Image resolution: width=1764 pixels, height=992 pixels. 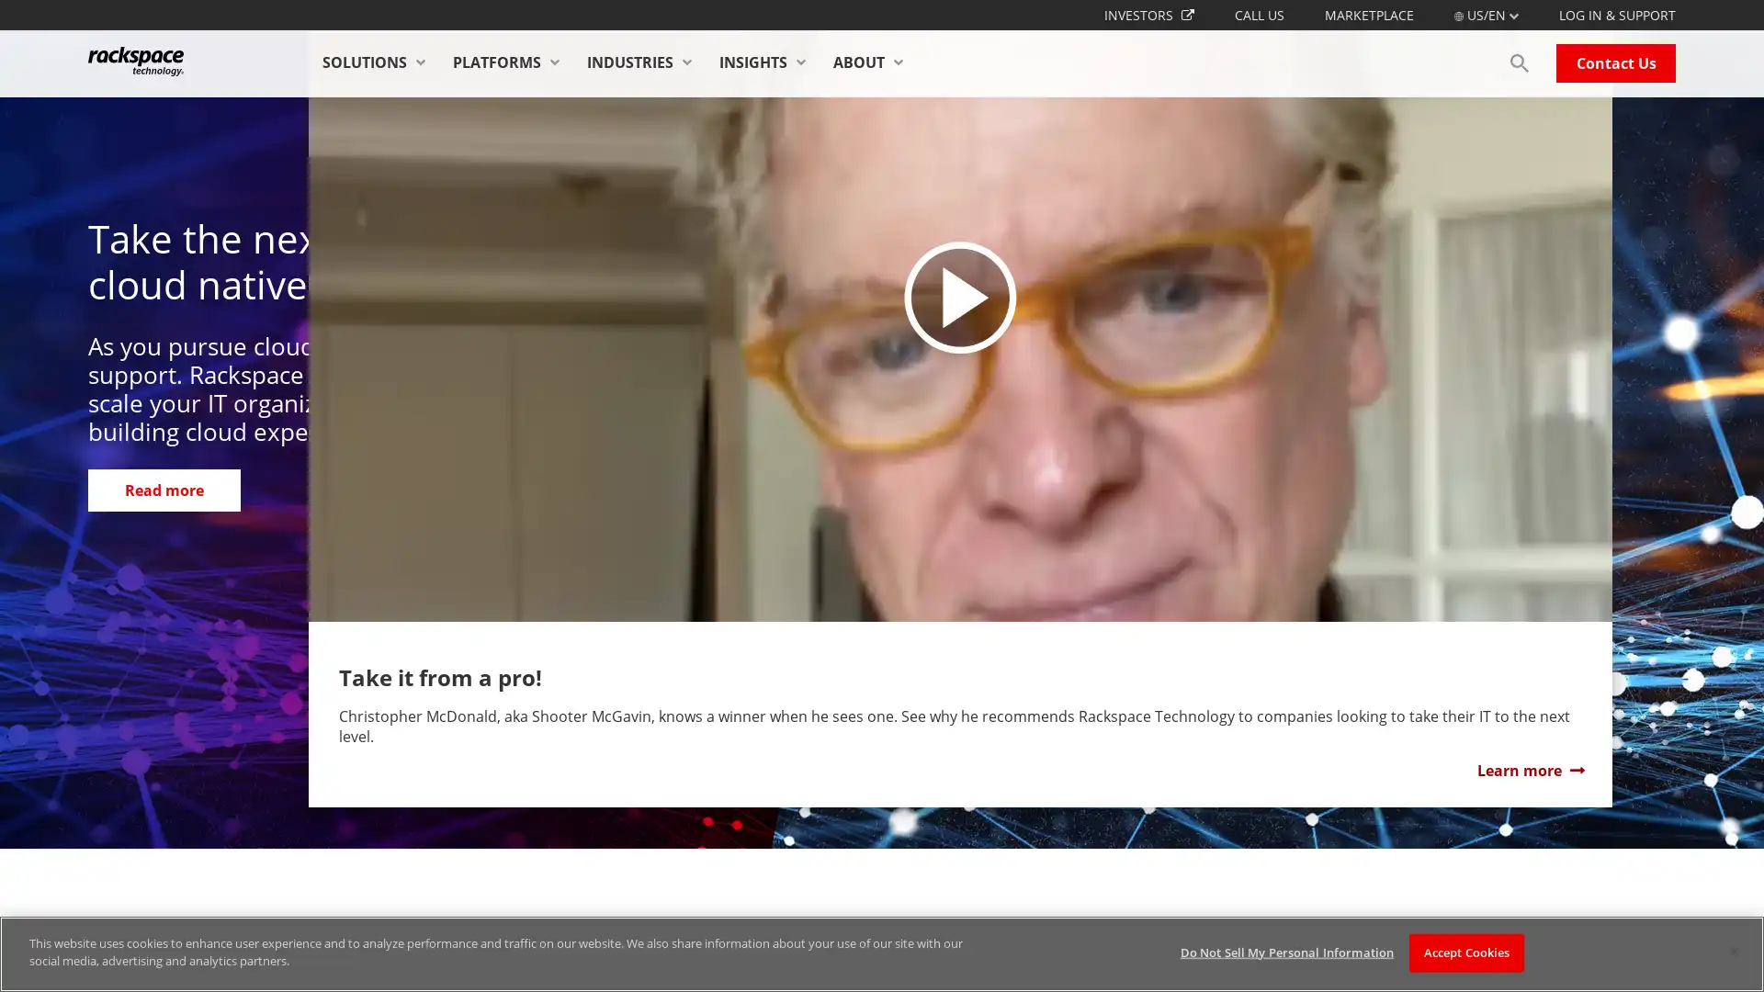 I want to click on Do Not Sell My Personal Information, so click(x=1285, y=952).